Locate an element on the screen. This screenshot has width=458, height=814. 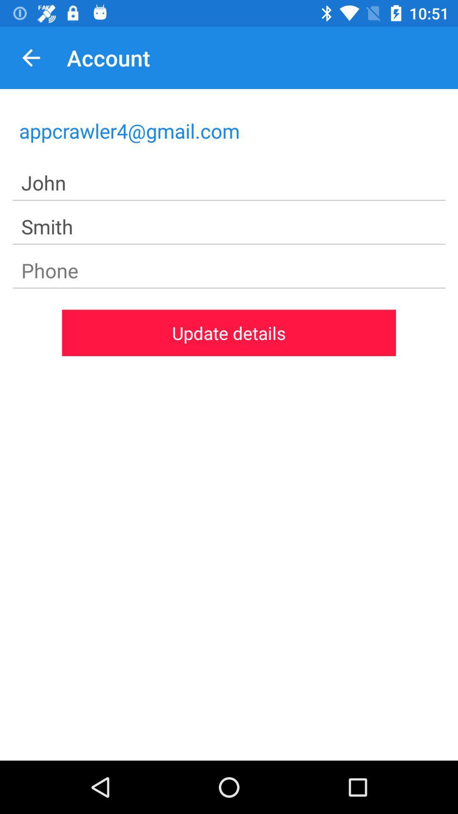
the icon next to account is located at coordinates (31, 57).